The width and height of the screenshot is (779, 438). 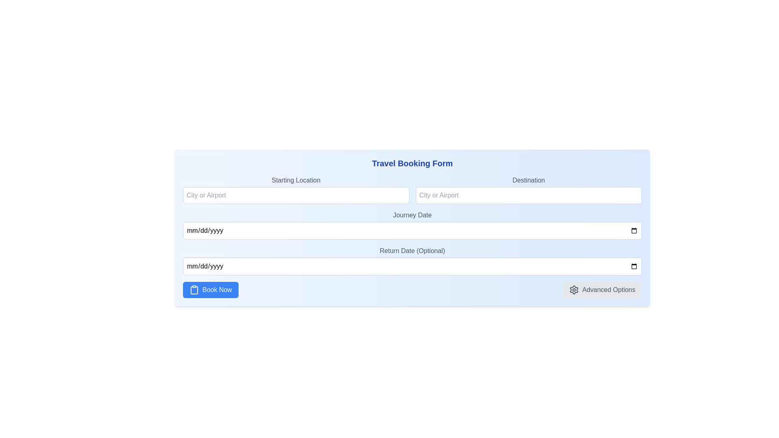 What do you see at coordinates (412, 163) in the screenshot?
I see `the bold blue heading labeled 'Travel Booking Form', which is prominently displayed at the top of the form layout` at bounding box center [412, 163].